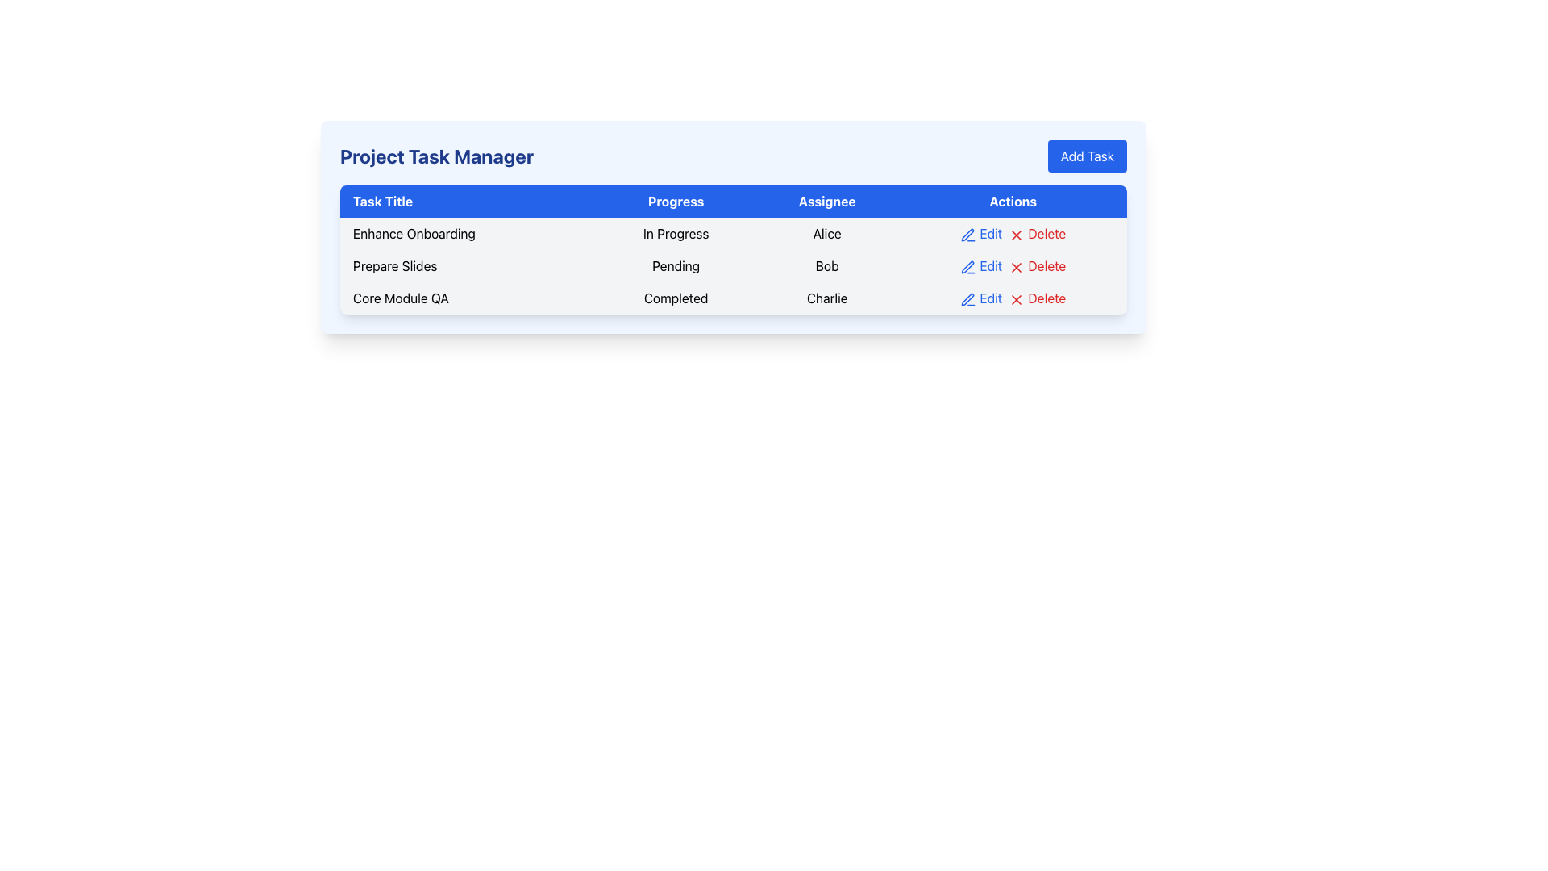  Describe the element at coordinates (1016, 299) in the screenshot. I see `the small red 'X' icon button for delete functionality located in the 'Actions' column of the last row in the 'Project Task Manager' table` at that location.